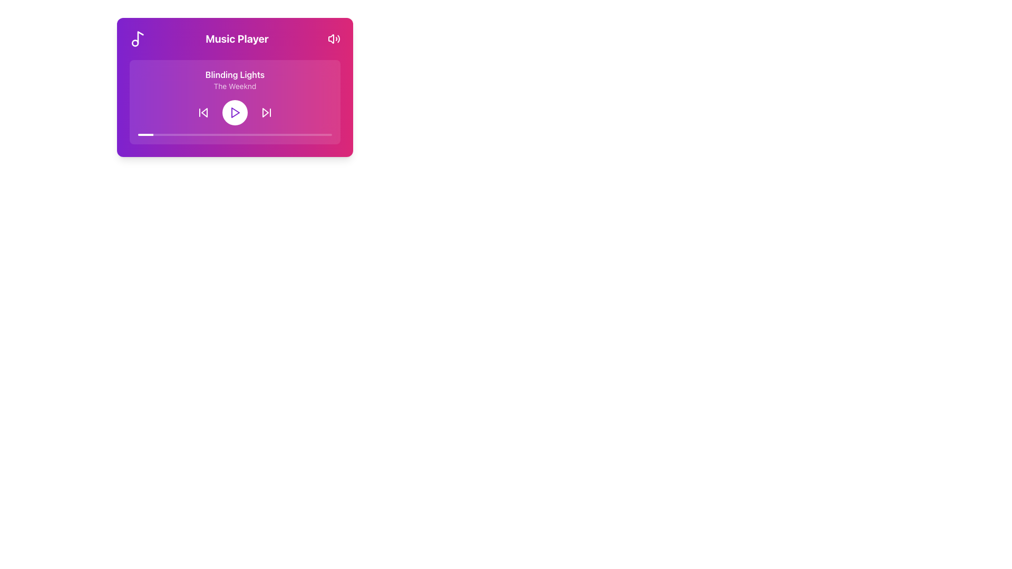  I want to click on the triangular play icon located inside the circular white button in the center of the music player's control area to play the music, so click(235, 112).